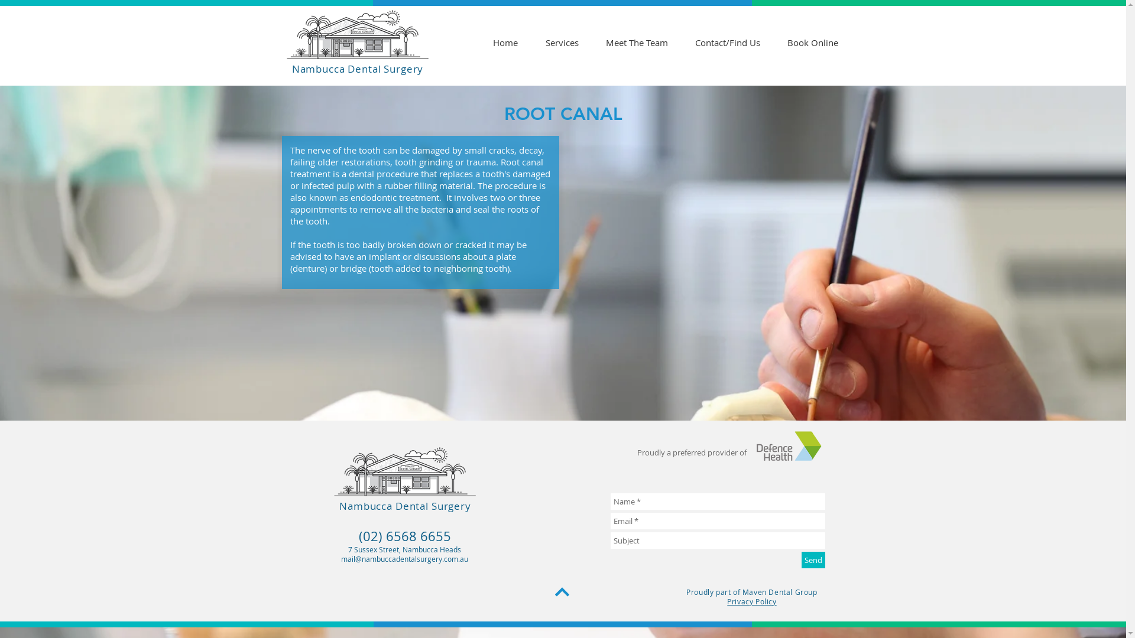 This screenshot has height=638, width=1135. Describe the element at coordinates (404, 536) in the screenshot. I see `'(02) 6568 6655'` at that location.